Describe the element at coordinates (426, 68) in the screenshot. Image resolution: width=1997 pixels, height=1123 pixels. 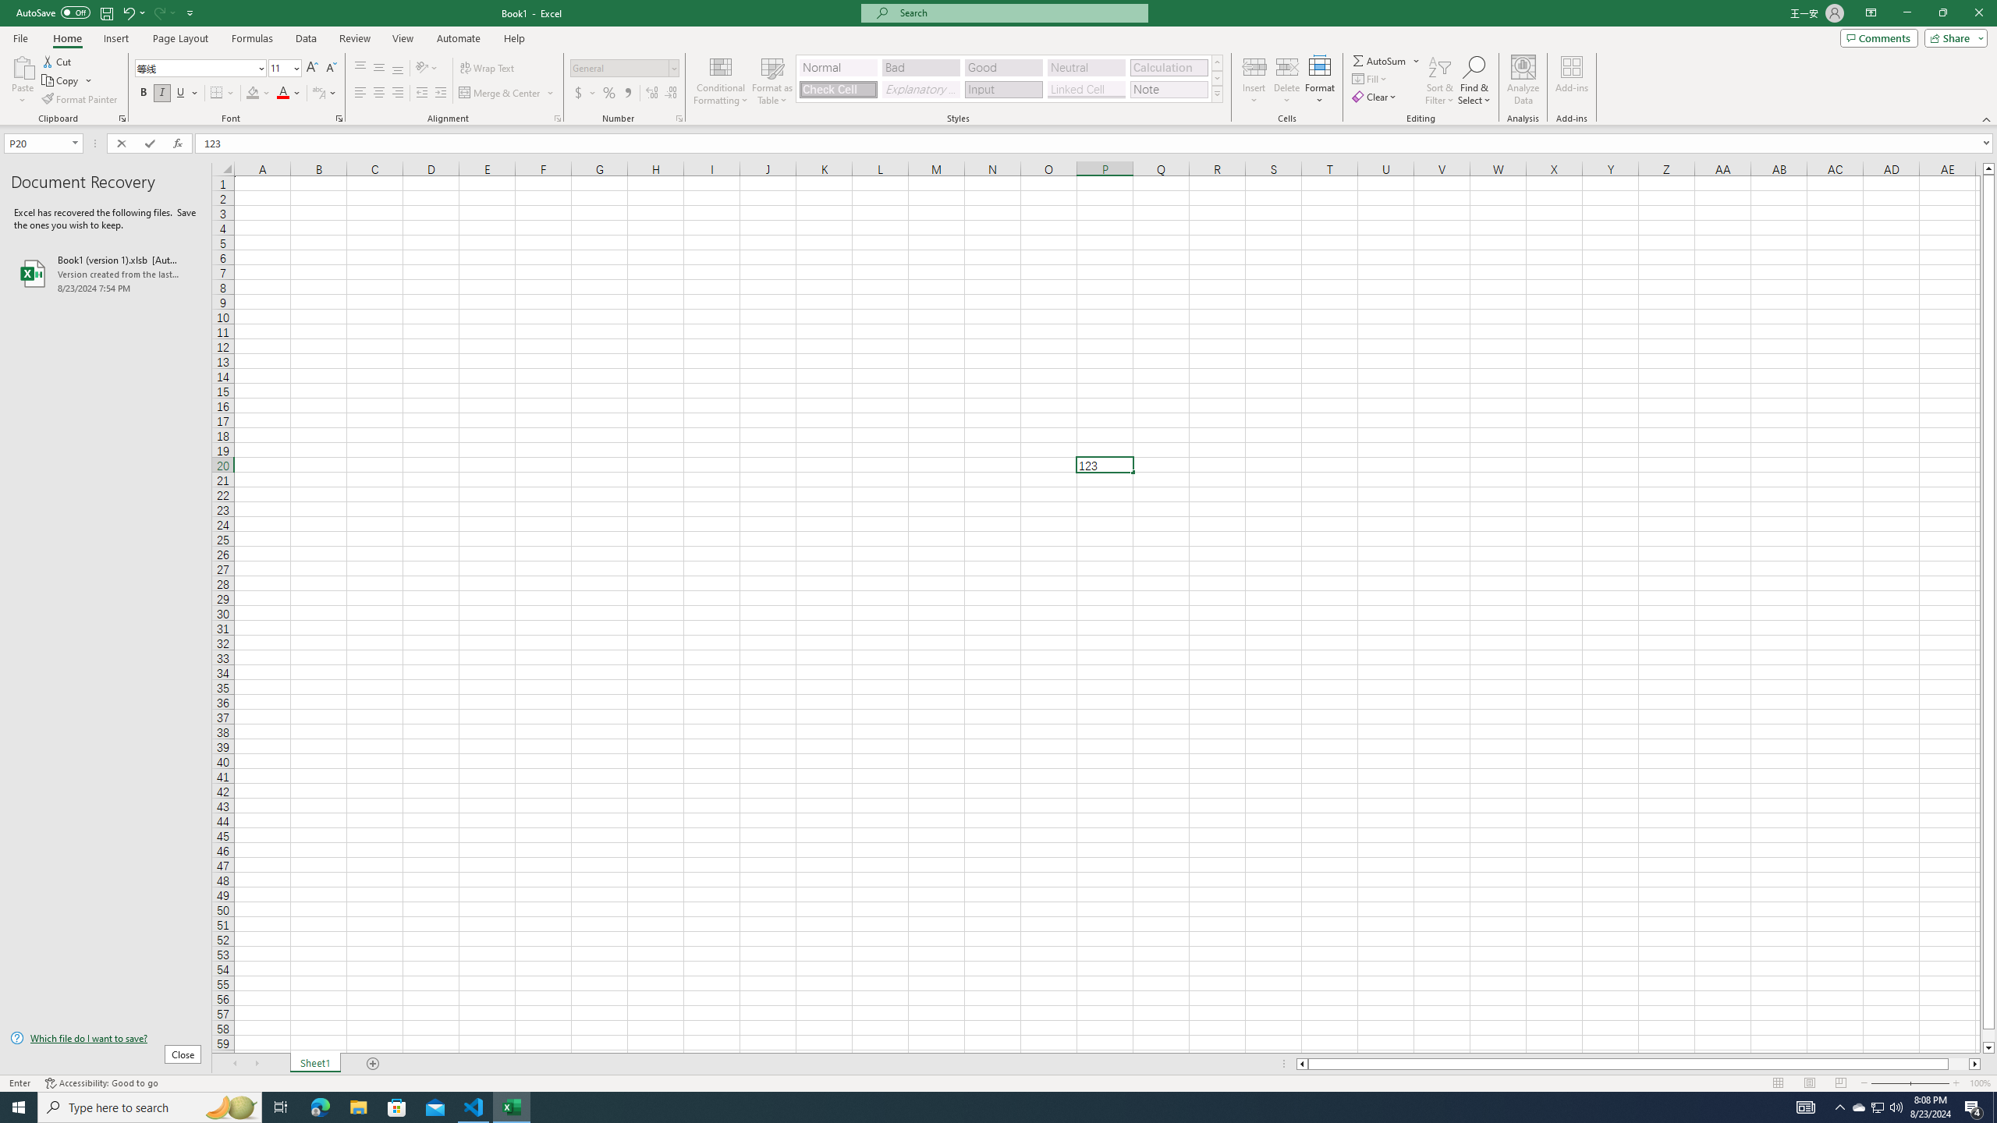
I see `'Orientation'` at that location.